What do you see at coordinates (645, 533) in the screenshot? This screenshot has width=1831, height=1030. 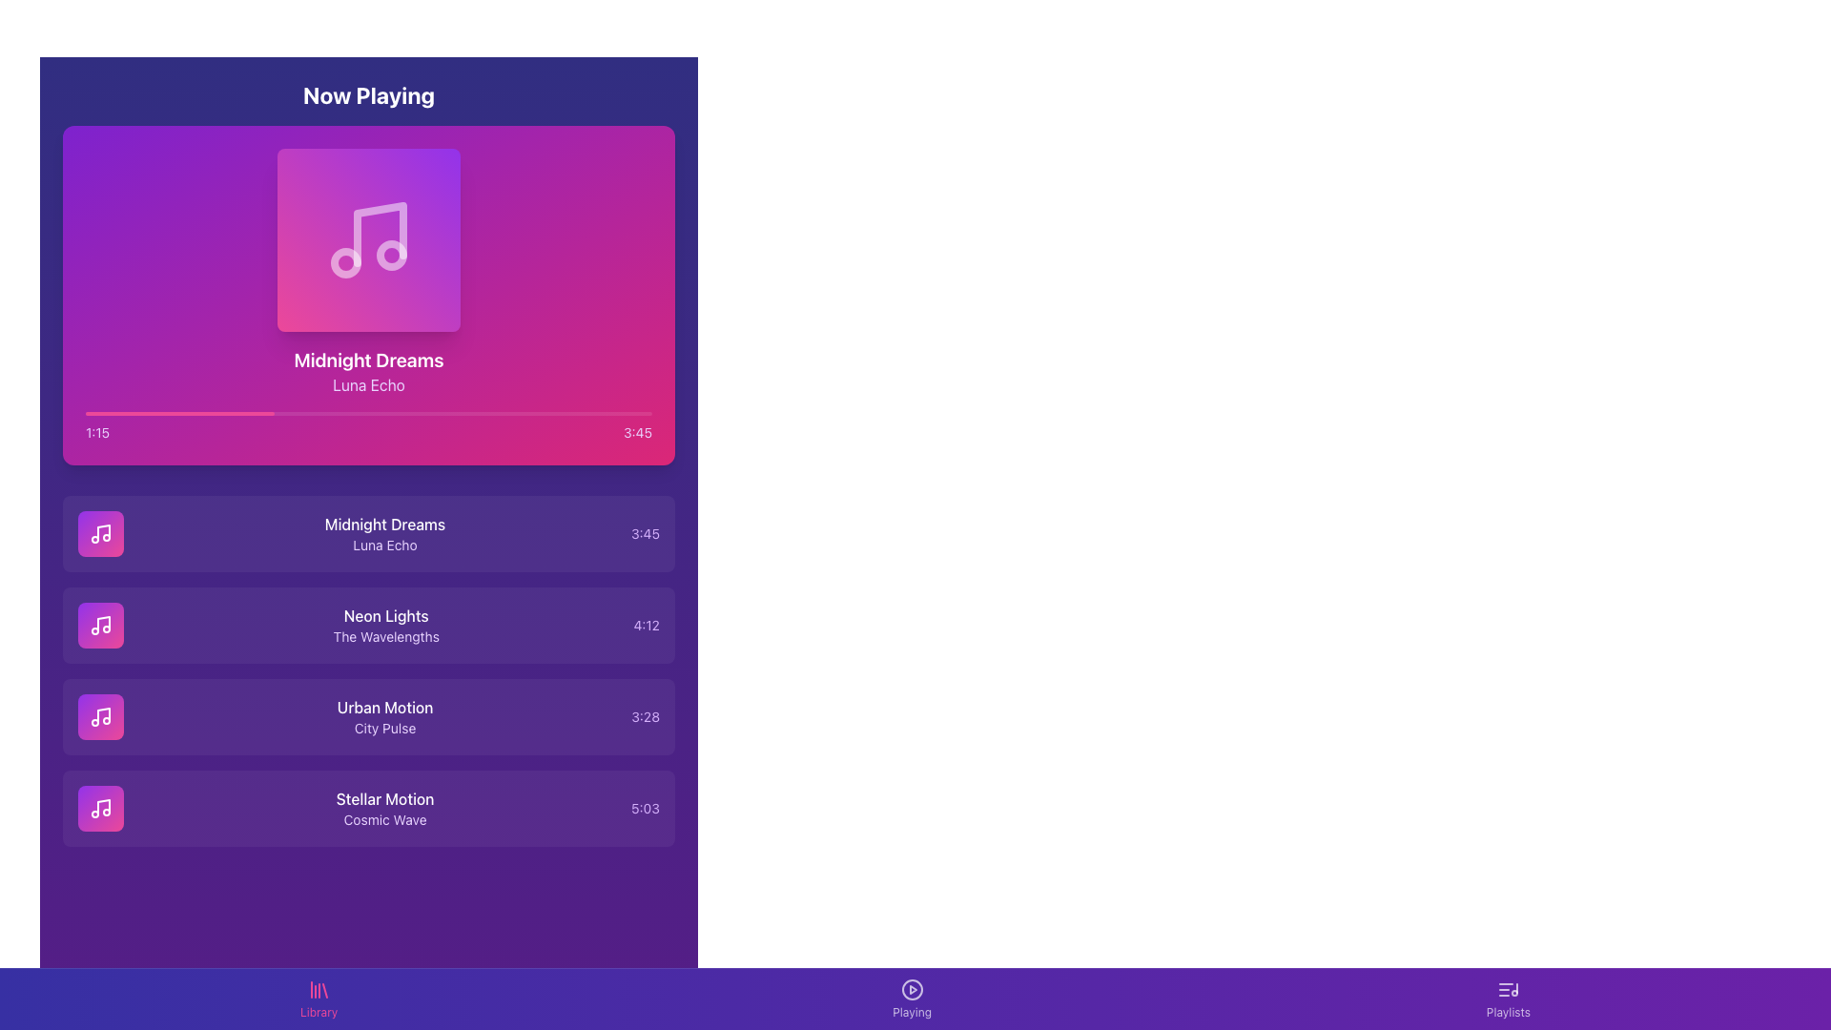 I see `the text label displaying '3:45' that is styled with a small font size and purple color, located at the far right of the song entry for 'Midnight Dreams' by 'Luna Echo'` at bounding box center [645, 533].